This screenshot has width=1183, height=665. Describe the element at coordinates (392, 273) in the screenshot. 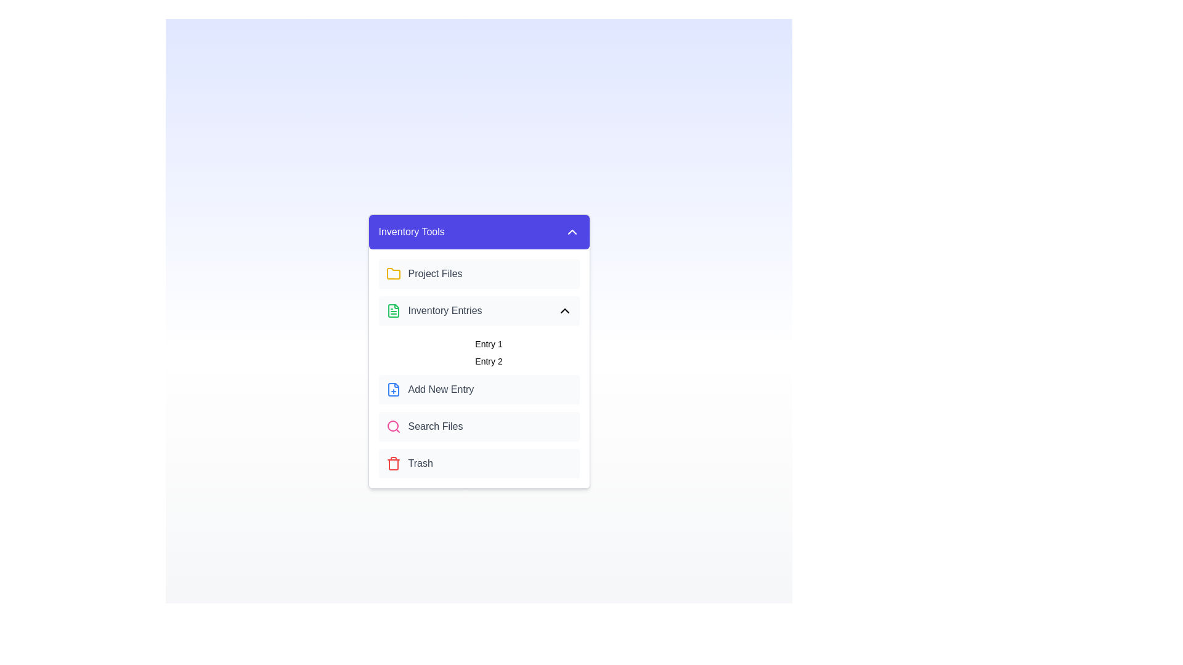

I see `the folder icon representing the 'Project Files' entry in the 'Inventory Tools' menu` at that location.